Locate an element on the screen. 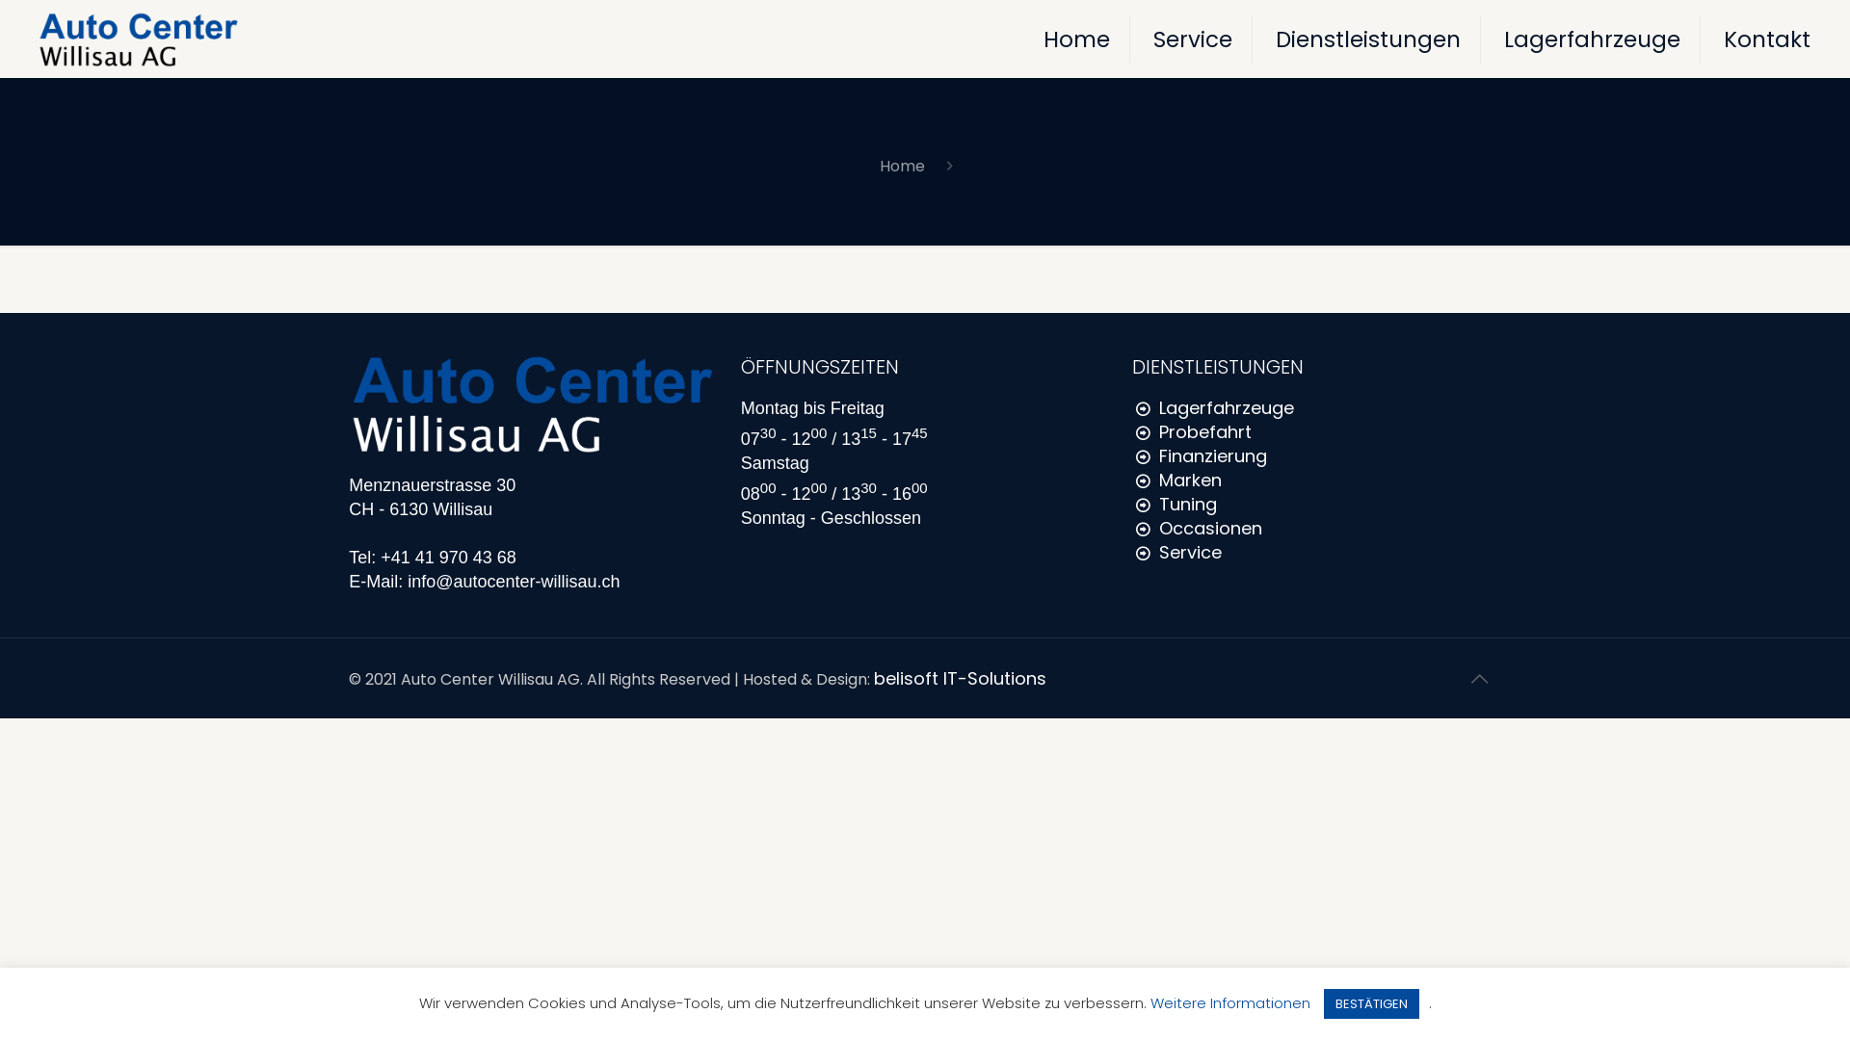  'Service' is located at coordinates (1187, 552).